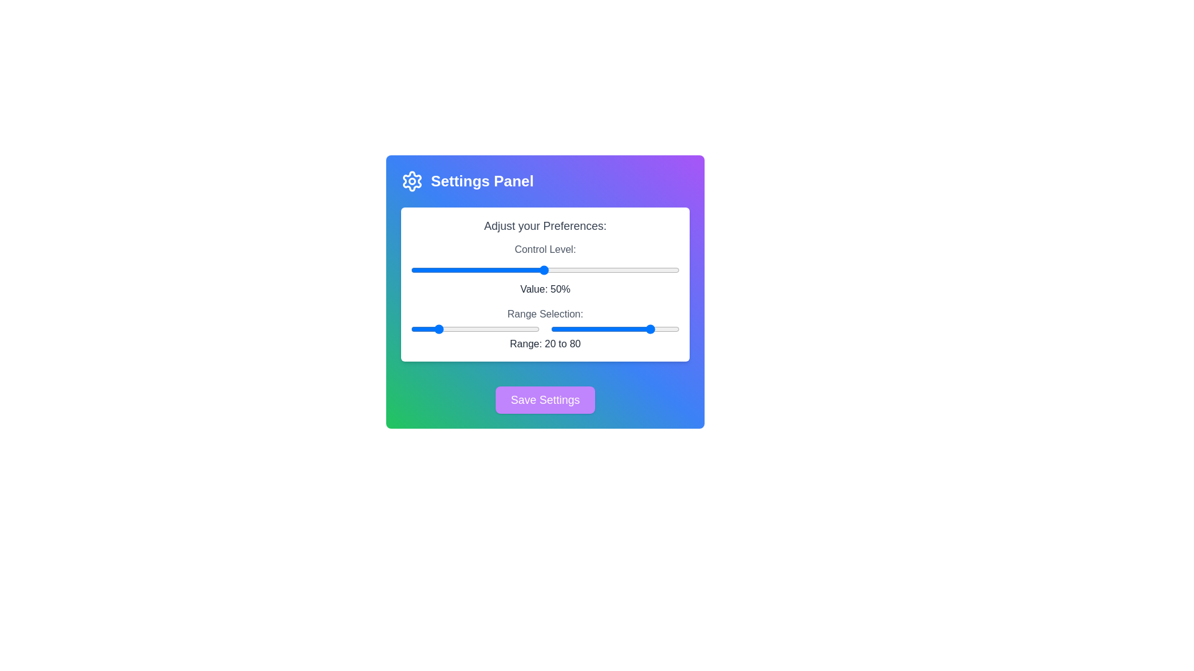 The height and width of the screenshot is (671, 1194). What do you see at coordinates (644, 270) in the screenshot?
I see `the control level` at bounding box center [644, 270].